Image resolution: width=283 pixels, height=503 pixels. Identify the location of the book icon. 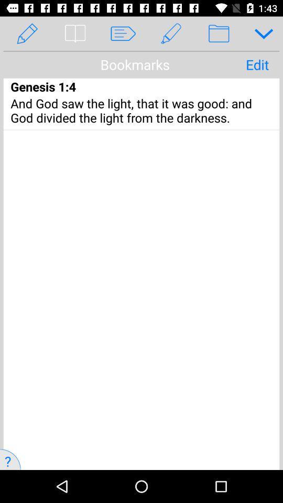
(74, 34).